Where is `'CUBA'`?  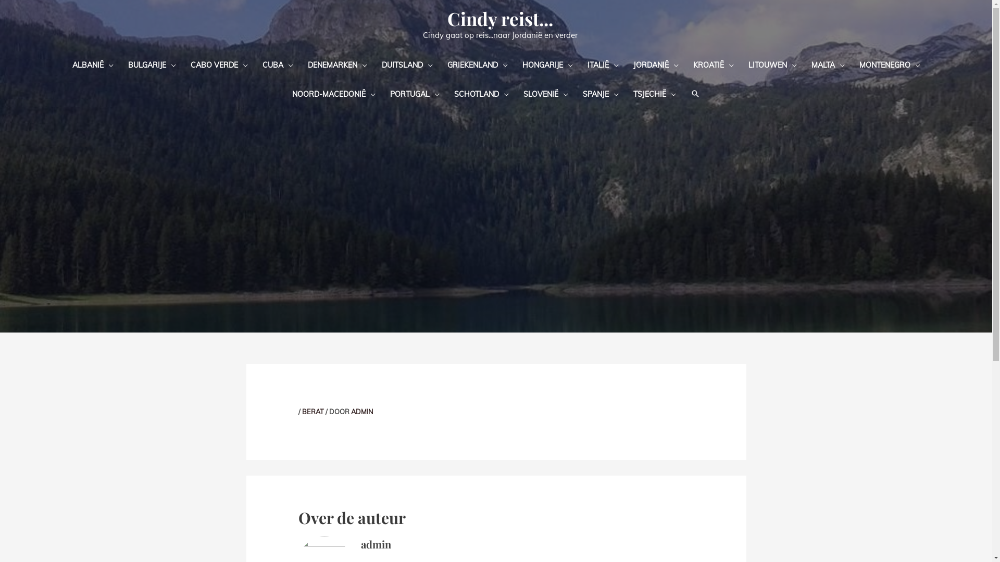 'CUBA' is located at coordinates (278, 64).